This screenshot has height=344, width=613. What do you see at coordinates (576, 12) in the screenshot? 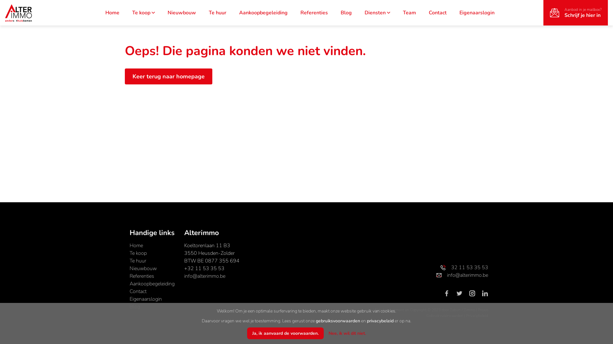
I see `'Aanbod in je mailbox?` at bounding box center [576, 12].